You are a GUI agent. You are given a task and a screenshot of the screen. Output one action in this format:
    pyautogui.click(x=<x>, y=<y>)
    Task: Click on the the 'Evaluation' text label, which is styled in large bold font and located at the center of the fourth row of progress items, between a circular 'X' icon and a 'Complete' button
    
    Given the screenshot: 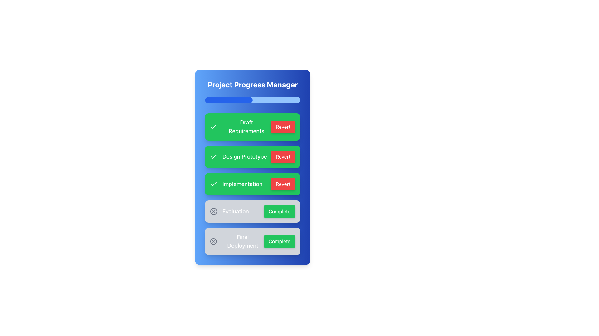 What is the action you would take?
    pyautogui.click(x=235, y=211)
    